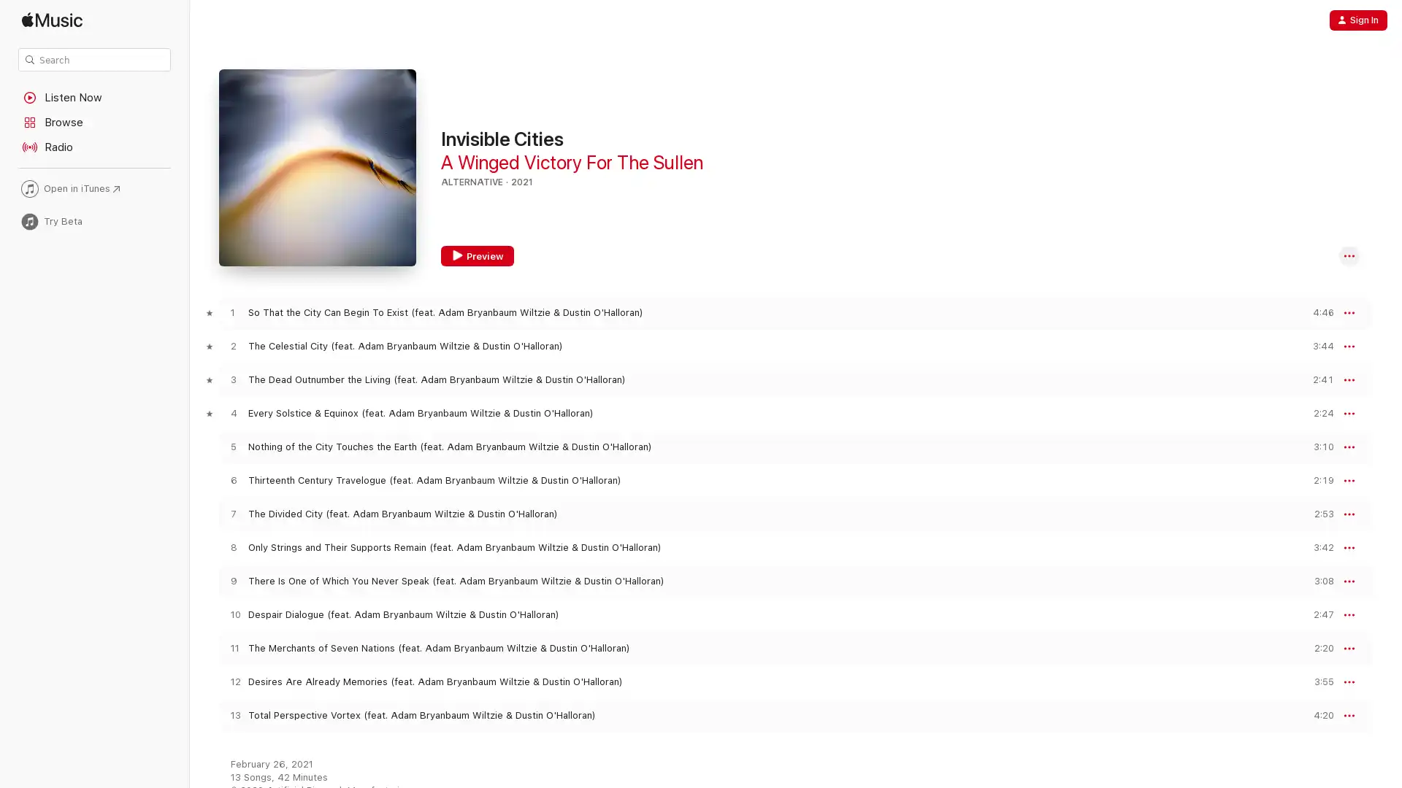 The width and height of the screenshot is (1402, 788). Describe the element at coordinates (93, 188) in the screenshot. I see `Open in iTunes` at that location.